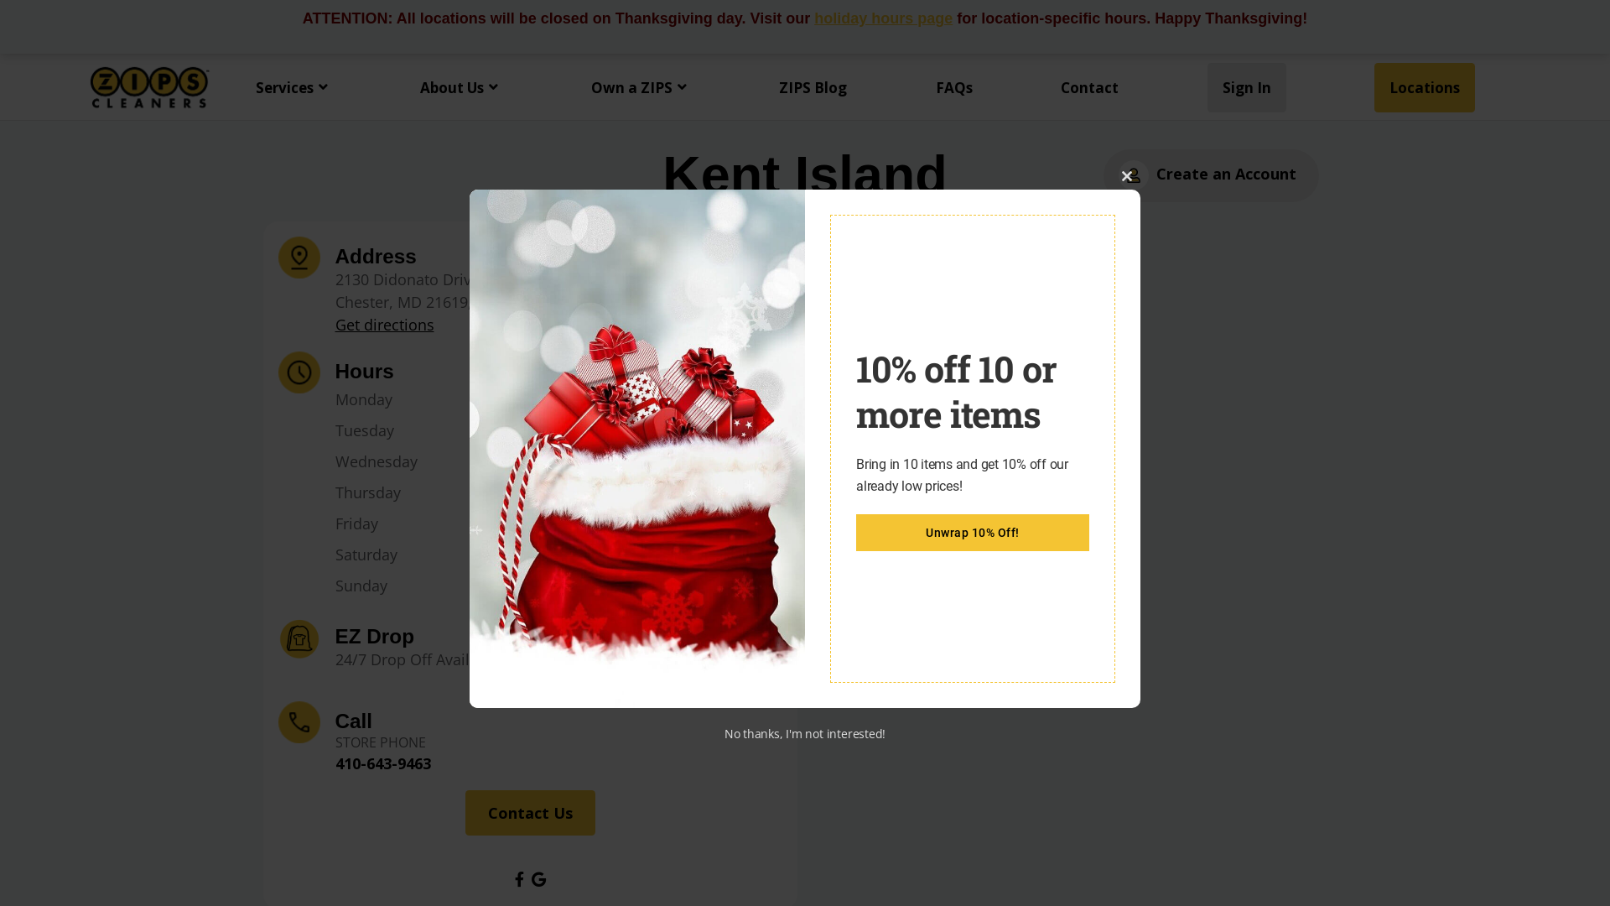  I want to click on 'Get directions', so click(384, 324).